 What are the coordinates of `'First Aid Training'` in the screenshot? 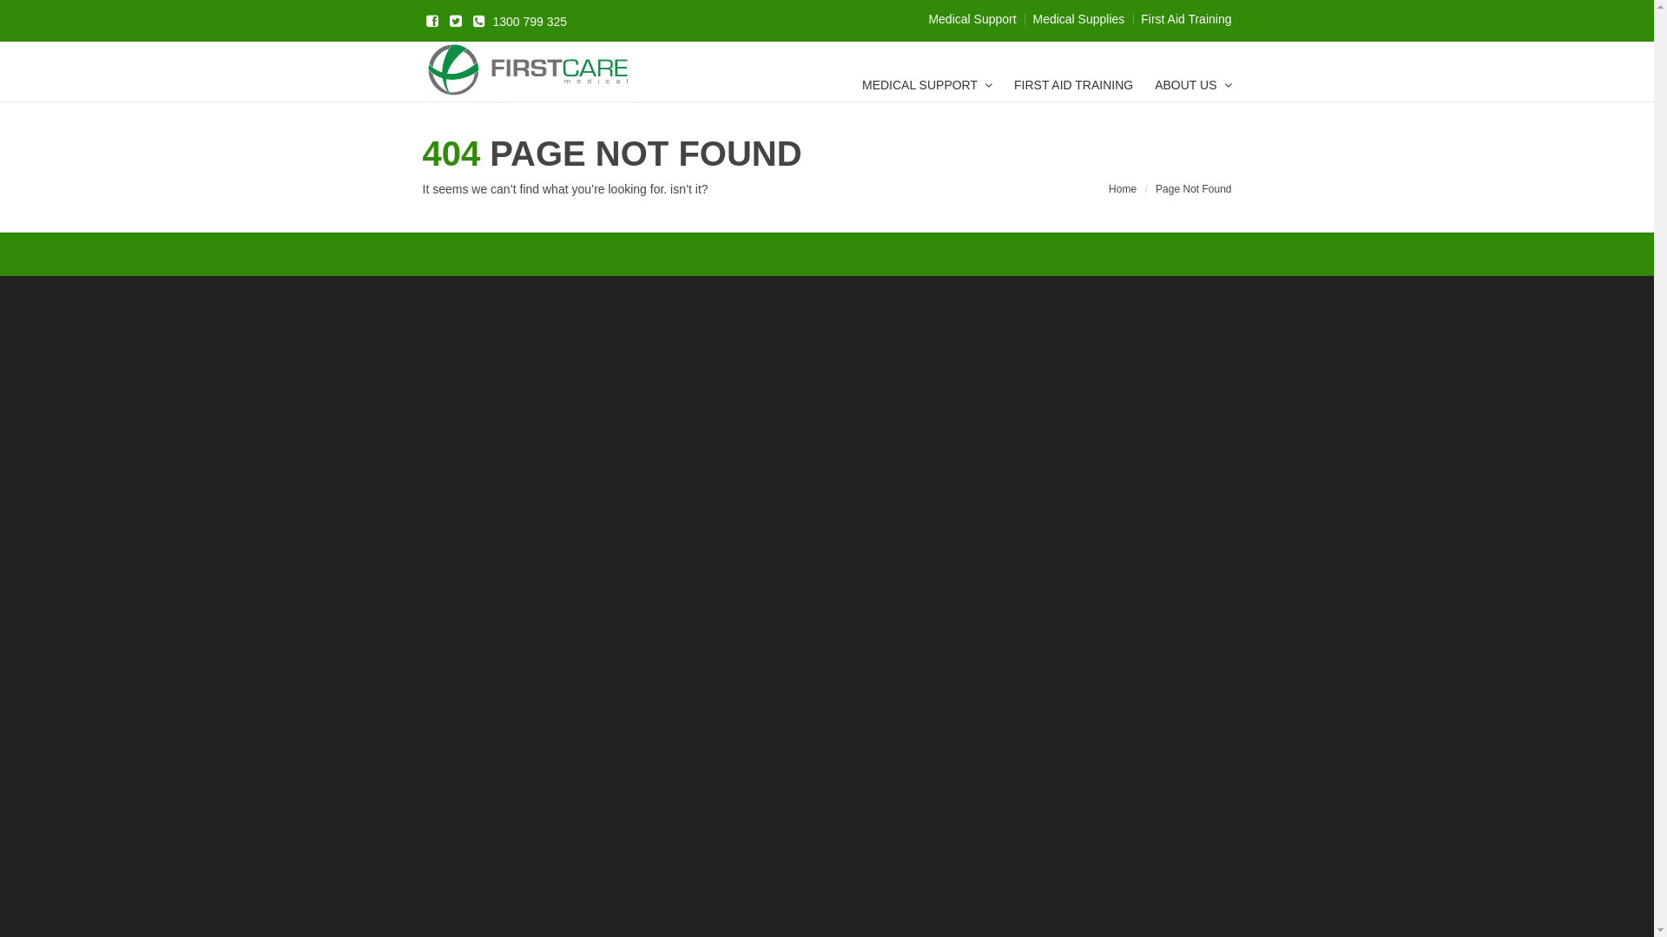 It's located at (1141, 19).